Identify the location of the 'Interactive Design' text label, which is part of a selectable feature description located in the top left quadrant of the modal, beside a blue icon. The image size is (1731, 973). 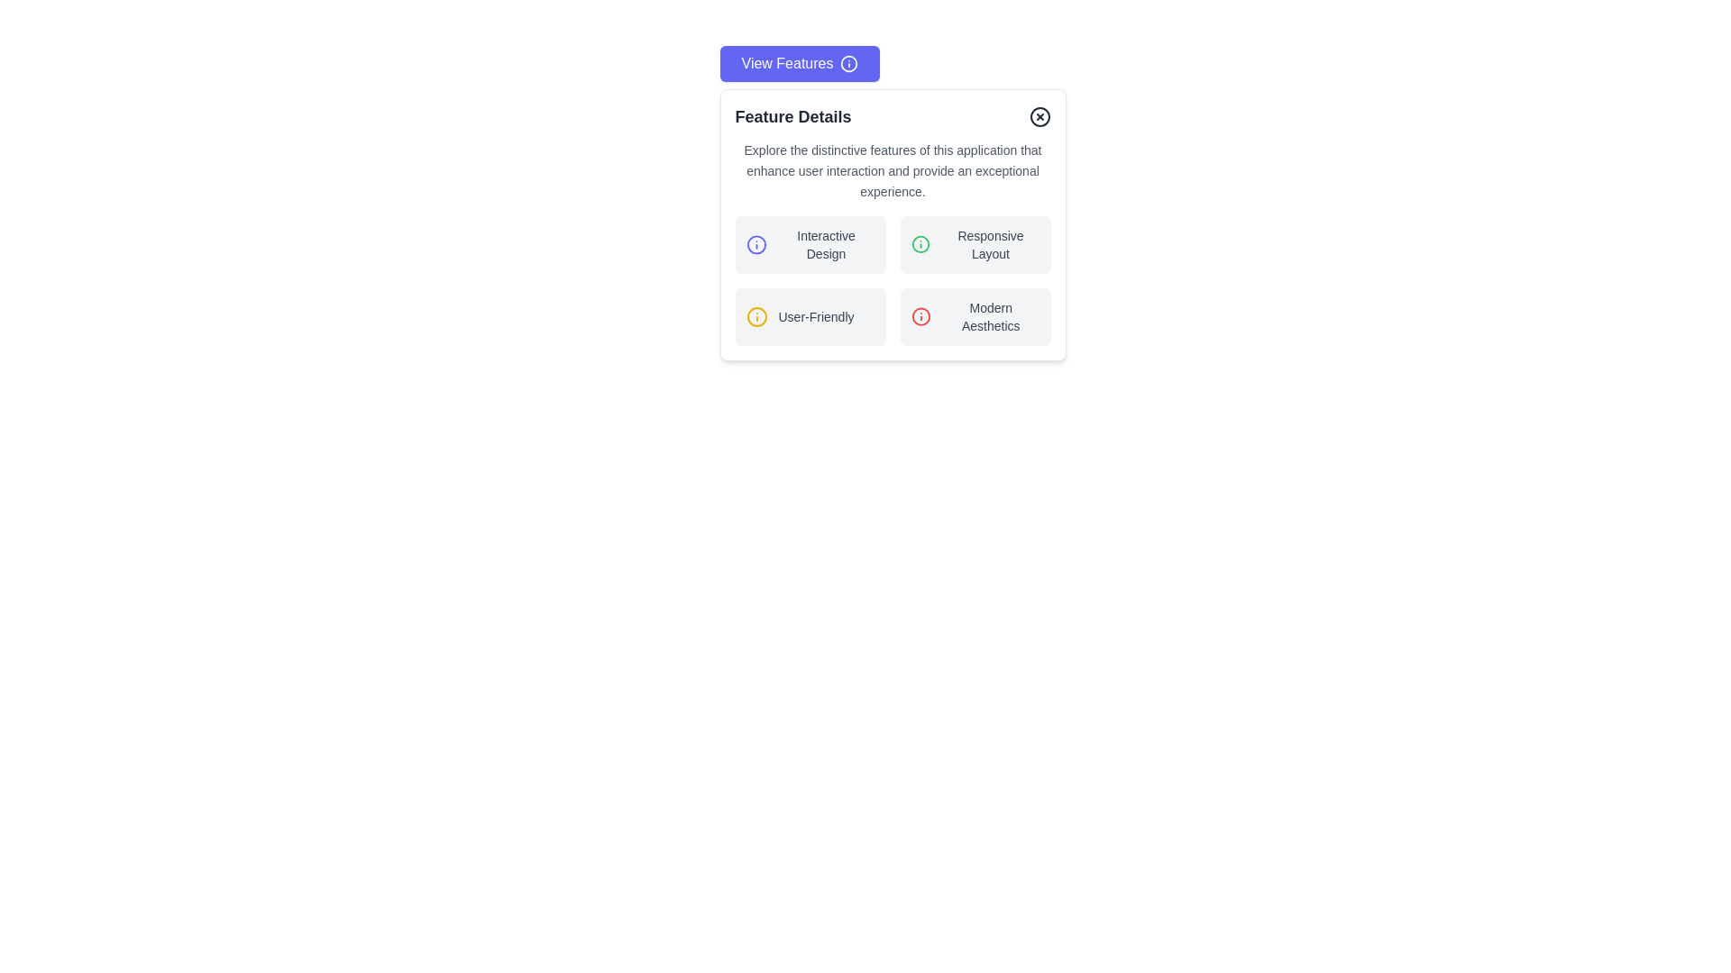
(825, 245).